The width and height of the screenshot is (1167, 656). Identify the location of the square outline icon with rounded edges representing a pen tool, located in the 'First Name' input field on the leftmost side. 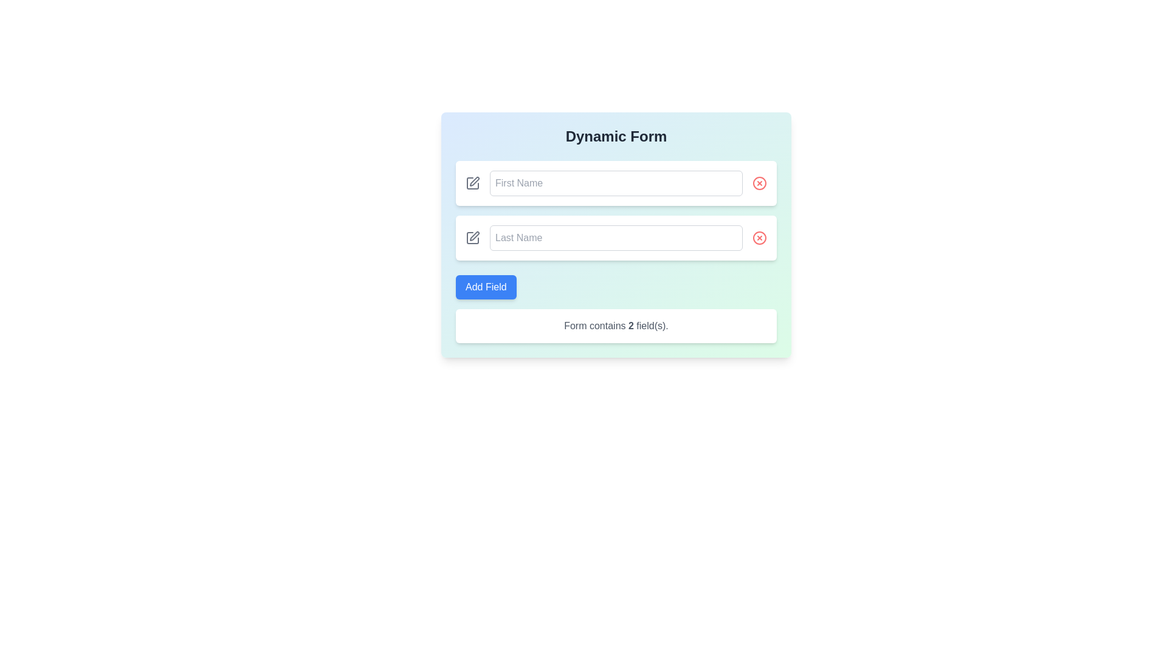
(472, 183).